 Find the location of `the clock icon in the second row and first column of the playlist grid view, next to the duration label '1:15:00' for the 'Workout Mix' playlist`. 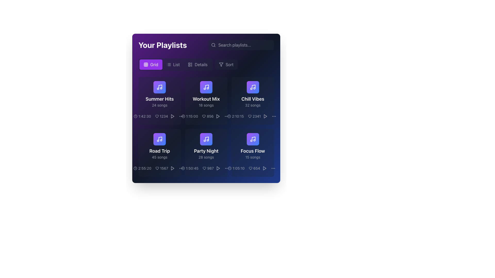

the clock icon in the second row and first column of the playlist grid view, next to the duration label '1:15:00' for the 'Workout Mix' playlist is located at coordinates (183, 116).